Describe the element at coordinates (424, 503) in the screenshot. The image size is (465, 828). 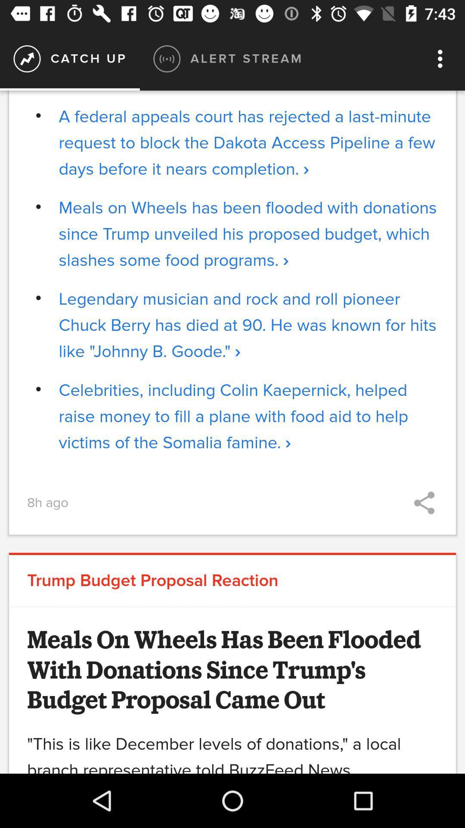
I see `icon next to 8h ago item` at that location.